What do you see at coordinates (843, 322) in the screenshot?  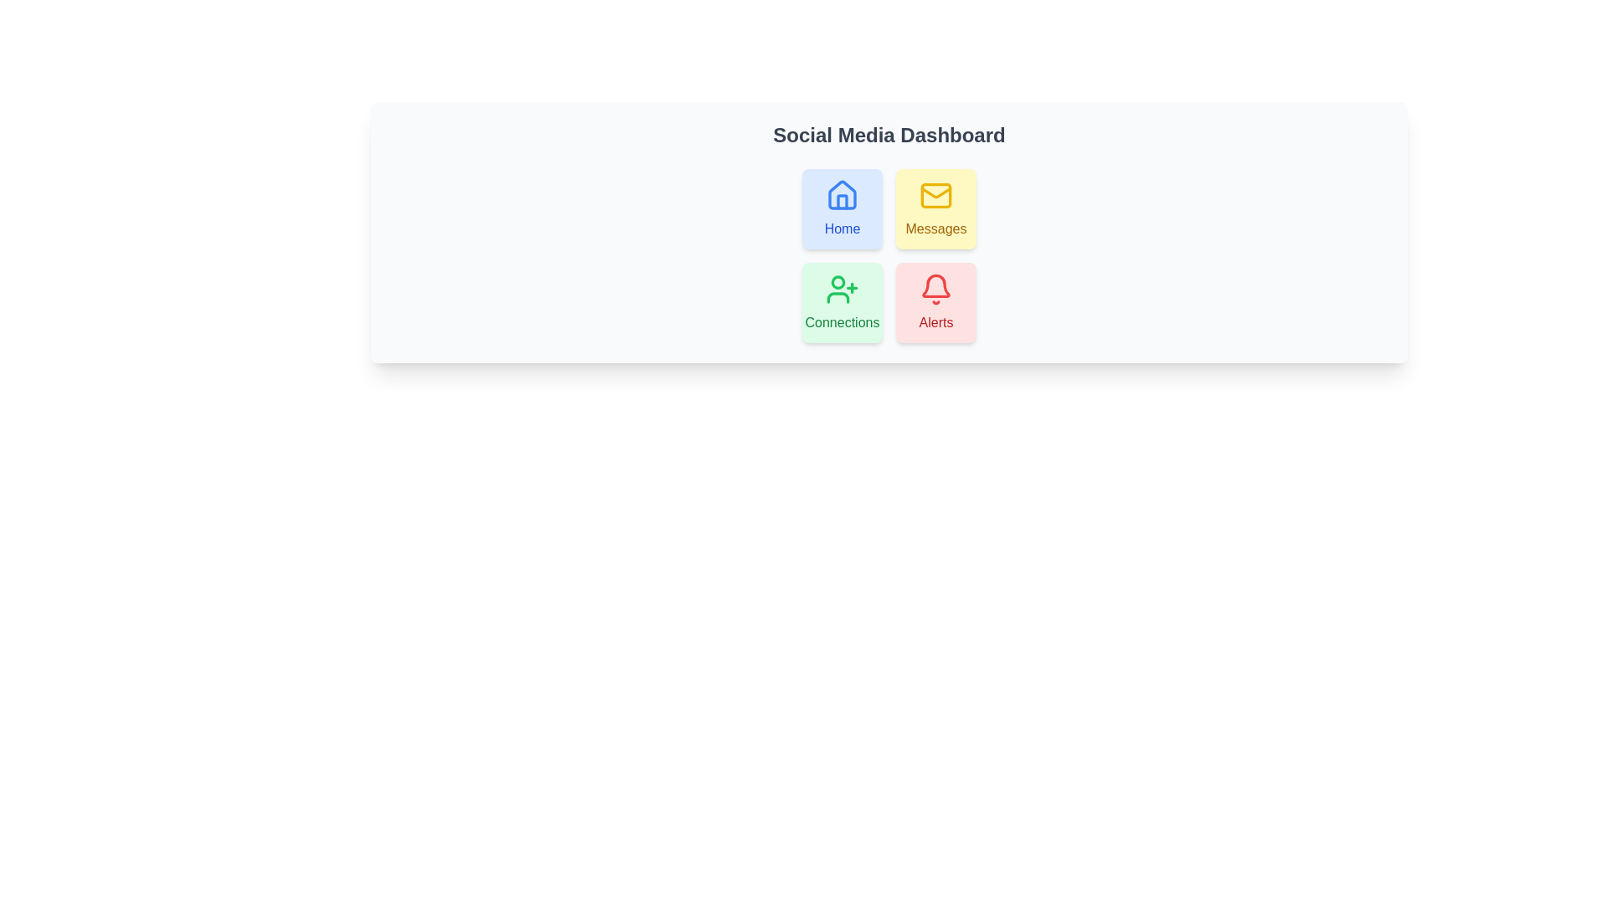 I see `the 'Connections' text label, which is styled in green and located within the third button of the grid under 'Social Media Dashboard'` at bounding box center [843, 322].